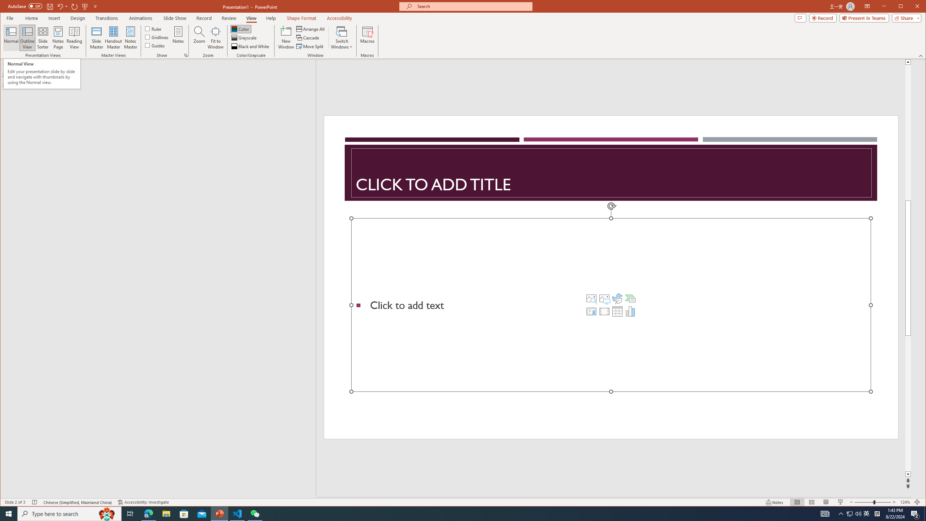 This screenshot has height=521, width=926. Describe the element at coordinates (611, 305) in the screenshot. I see `'Content Placeholder'` at that location.